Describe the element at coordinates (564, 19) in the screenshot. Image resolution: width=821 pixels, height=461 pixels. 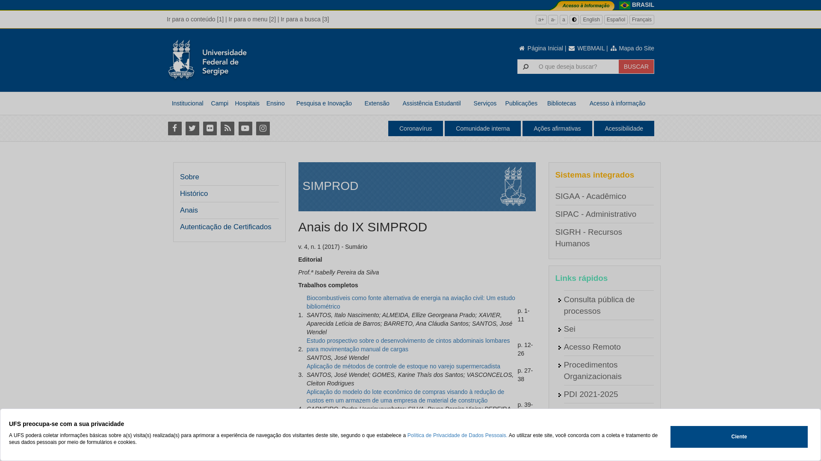
I see `'a'` at that location.